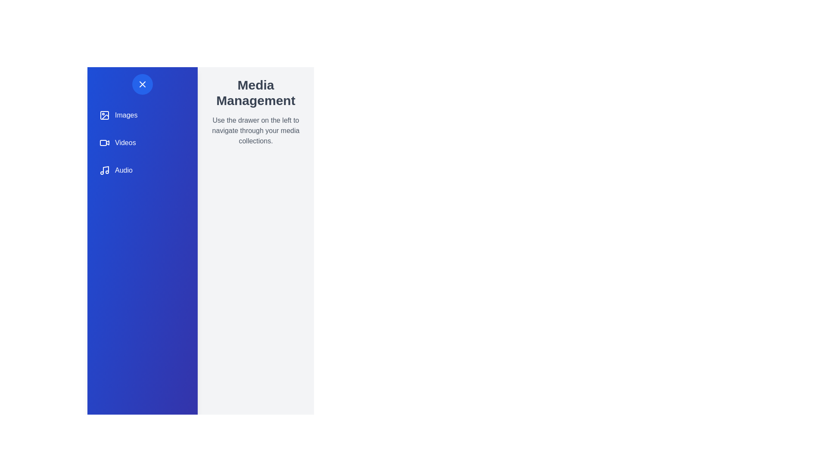 This screenshot has width=827, height=465. What do you see at coordinates (104, 115) in the screenshot?
I see `the small rounded rectangle decorative SVG graphic component located near the top left corner of the image icon in the sidebar of the application interface` at bounding box center [104, 115].